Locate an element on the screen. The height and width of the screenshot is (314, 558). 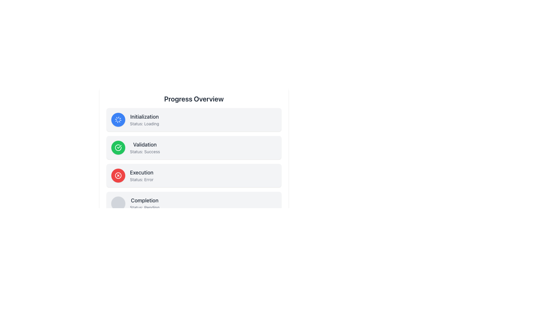
the text display component that shows 'Initialization' and 'Status: Loading' is located at coordinates (144, 119).